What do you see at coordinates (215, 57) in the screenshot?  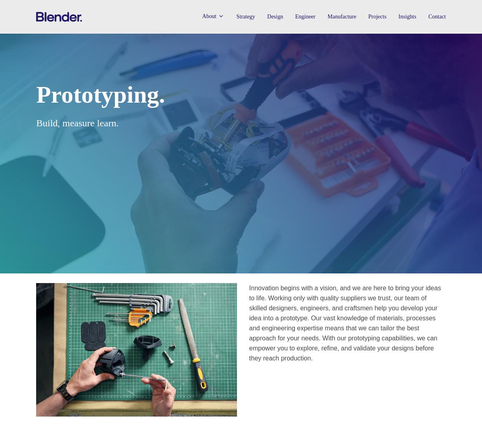 I see `'Services'` at bounding box center [215, 57].